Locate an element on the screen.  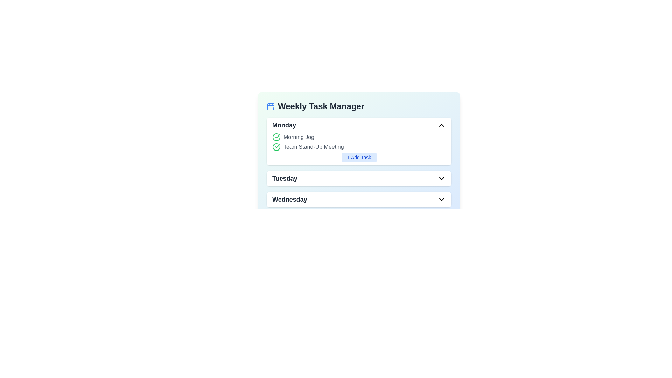
'+ Add Task' button under the 'Monday' section is located at coordinates (359, 157).